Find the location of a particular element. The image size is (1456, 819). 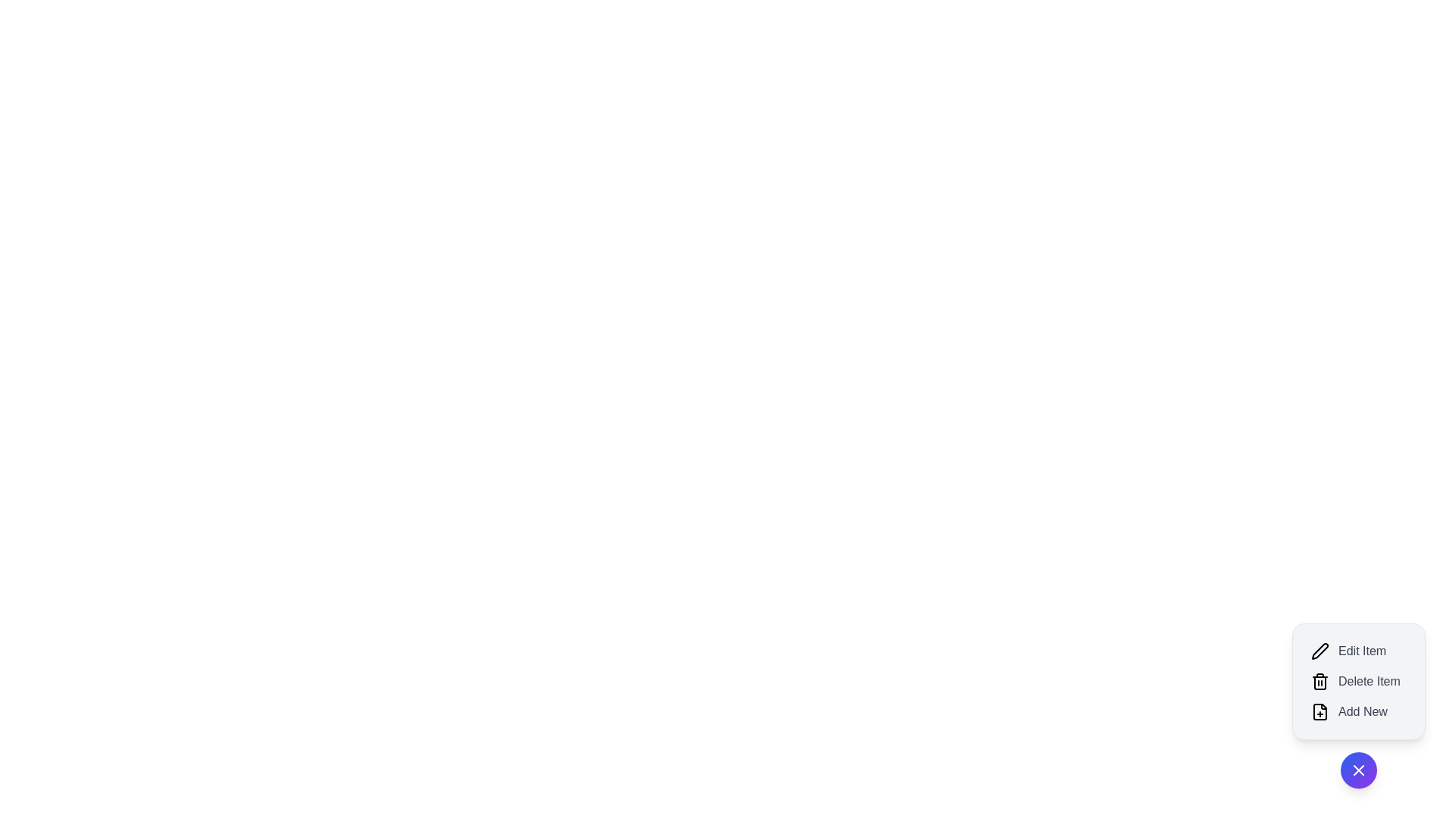

the toggle button to toggle the speed dial menu is located at coordinates (1358, 770).